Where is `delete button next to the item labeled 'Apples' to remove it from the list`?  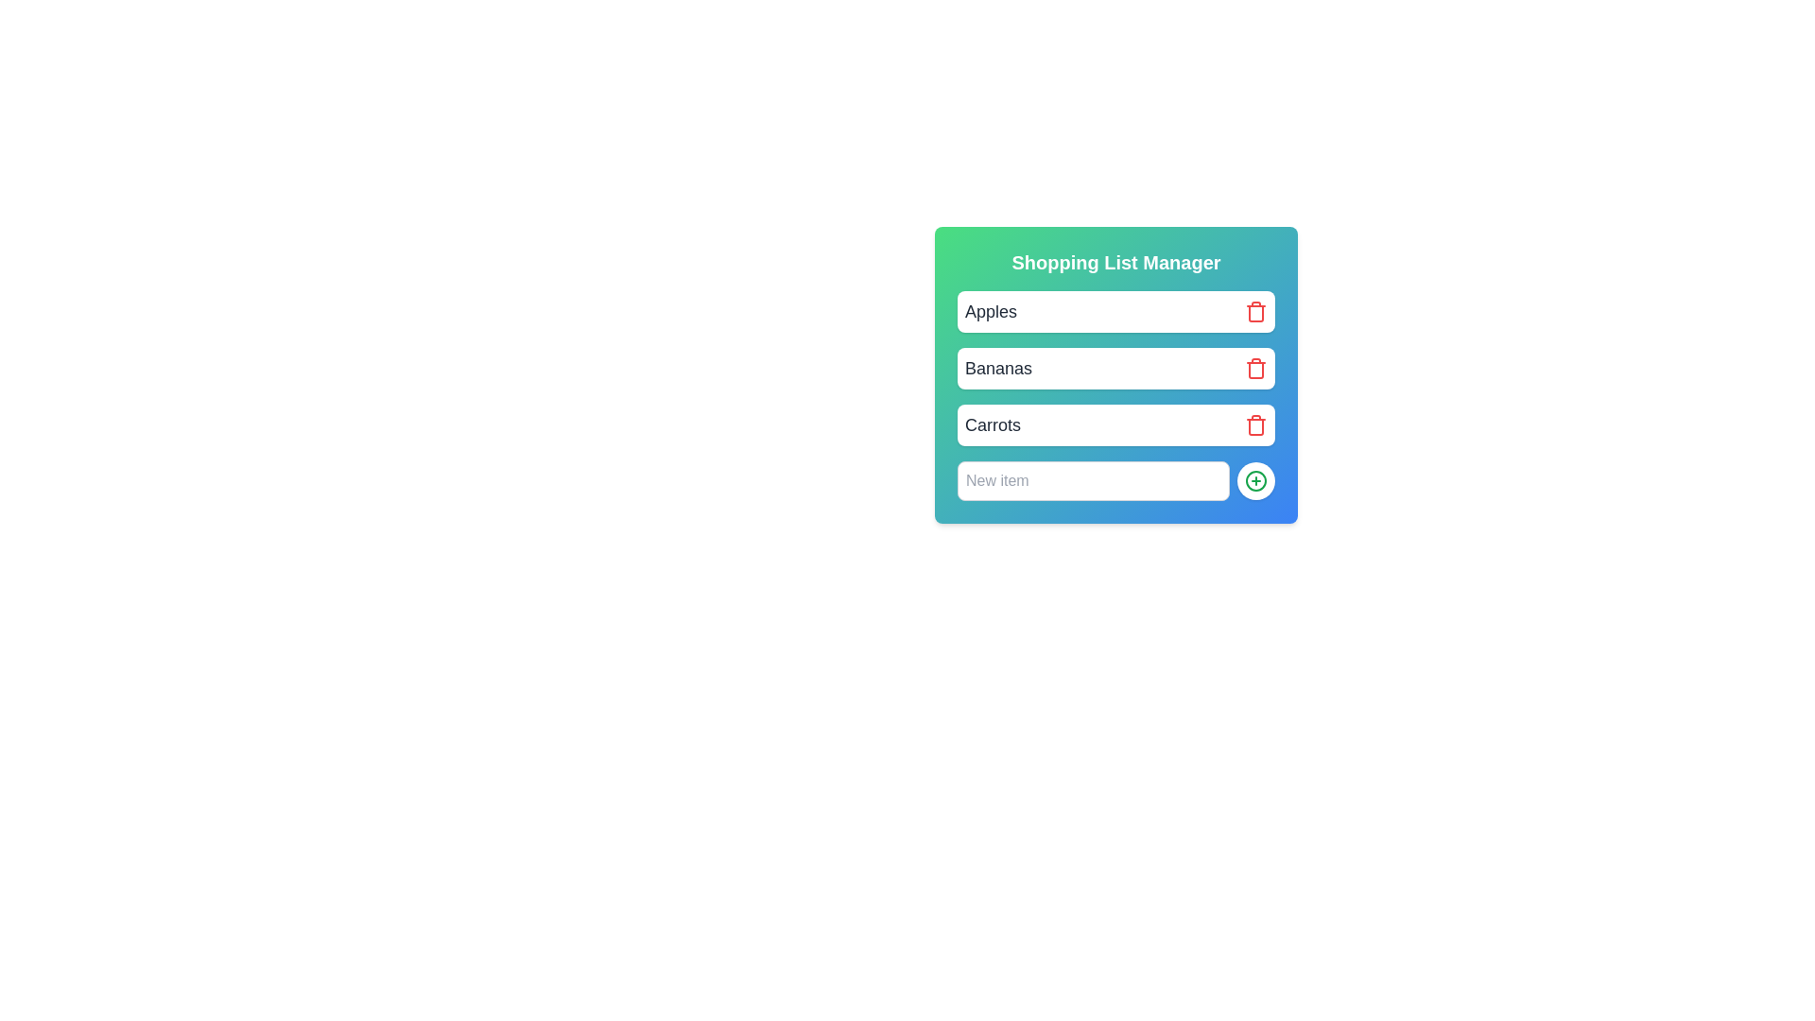 delete button next to the item labeled 'Apples' to remove it from the list is located at coordinates (1256, 311).